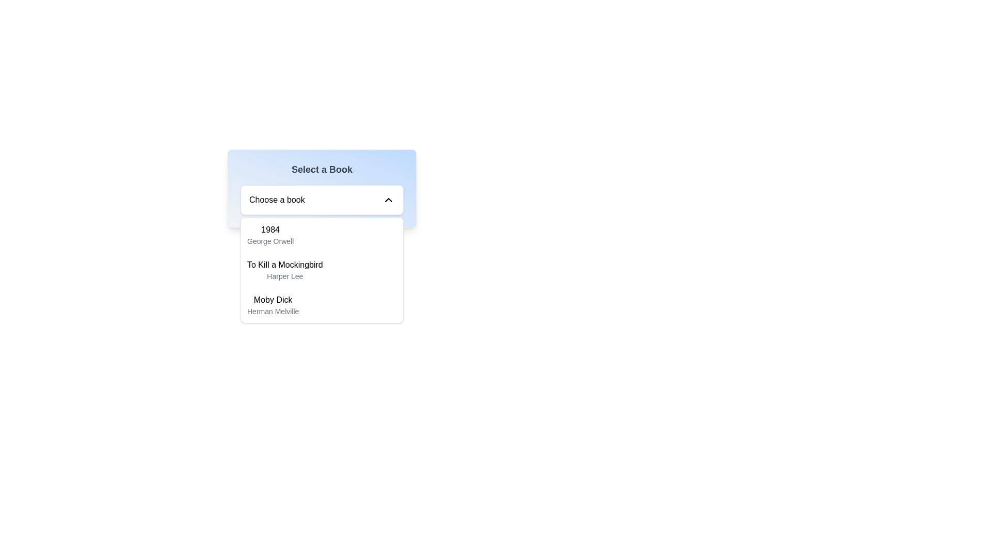 The height and width of the screenshot is (557, 991). I want to click on the first selectable option in the dropdown menu that displays the title '1984' and the author 'George Orwell', so click(270, 235).